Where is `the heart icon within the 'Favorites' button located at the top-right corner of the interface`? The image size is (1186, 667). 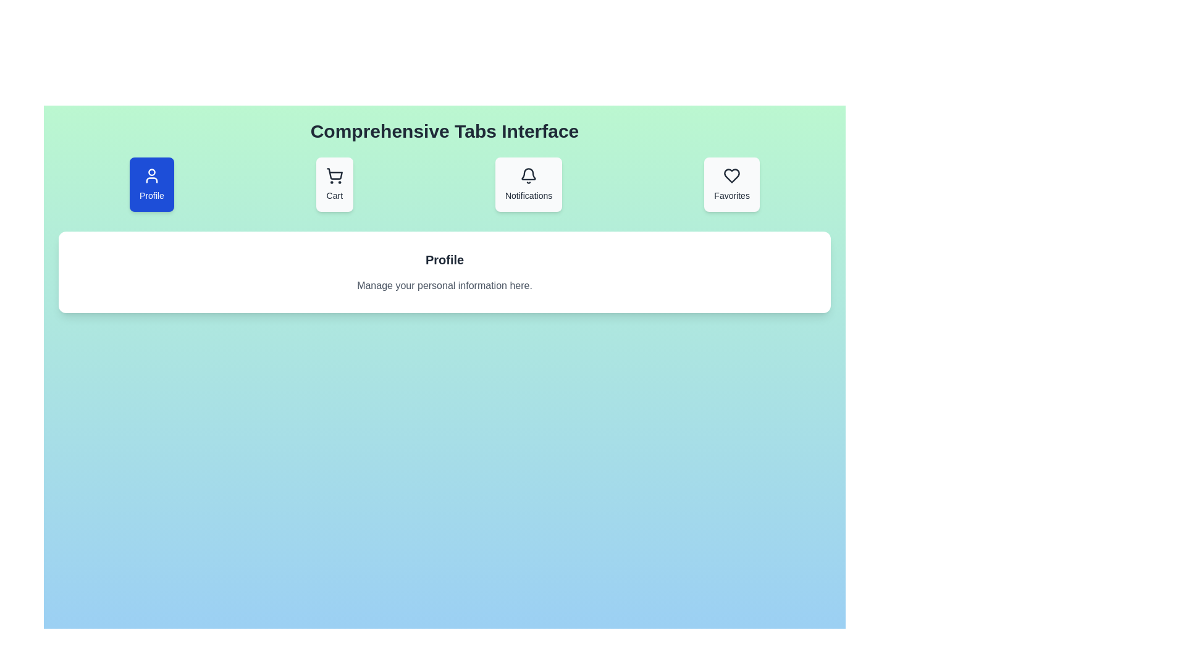 the heart icon within the 'Favorites' button located at the top-right corner of the interface is located at coordinates (732, 176).